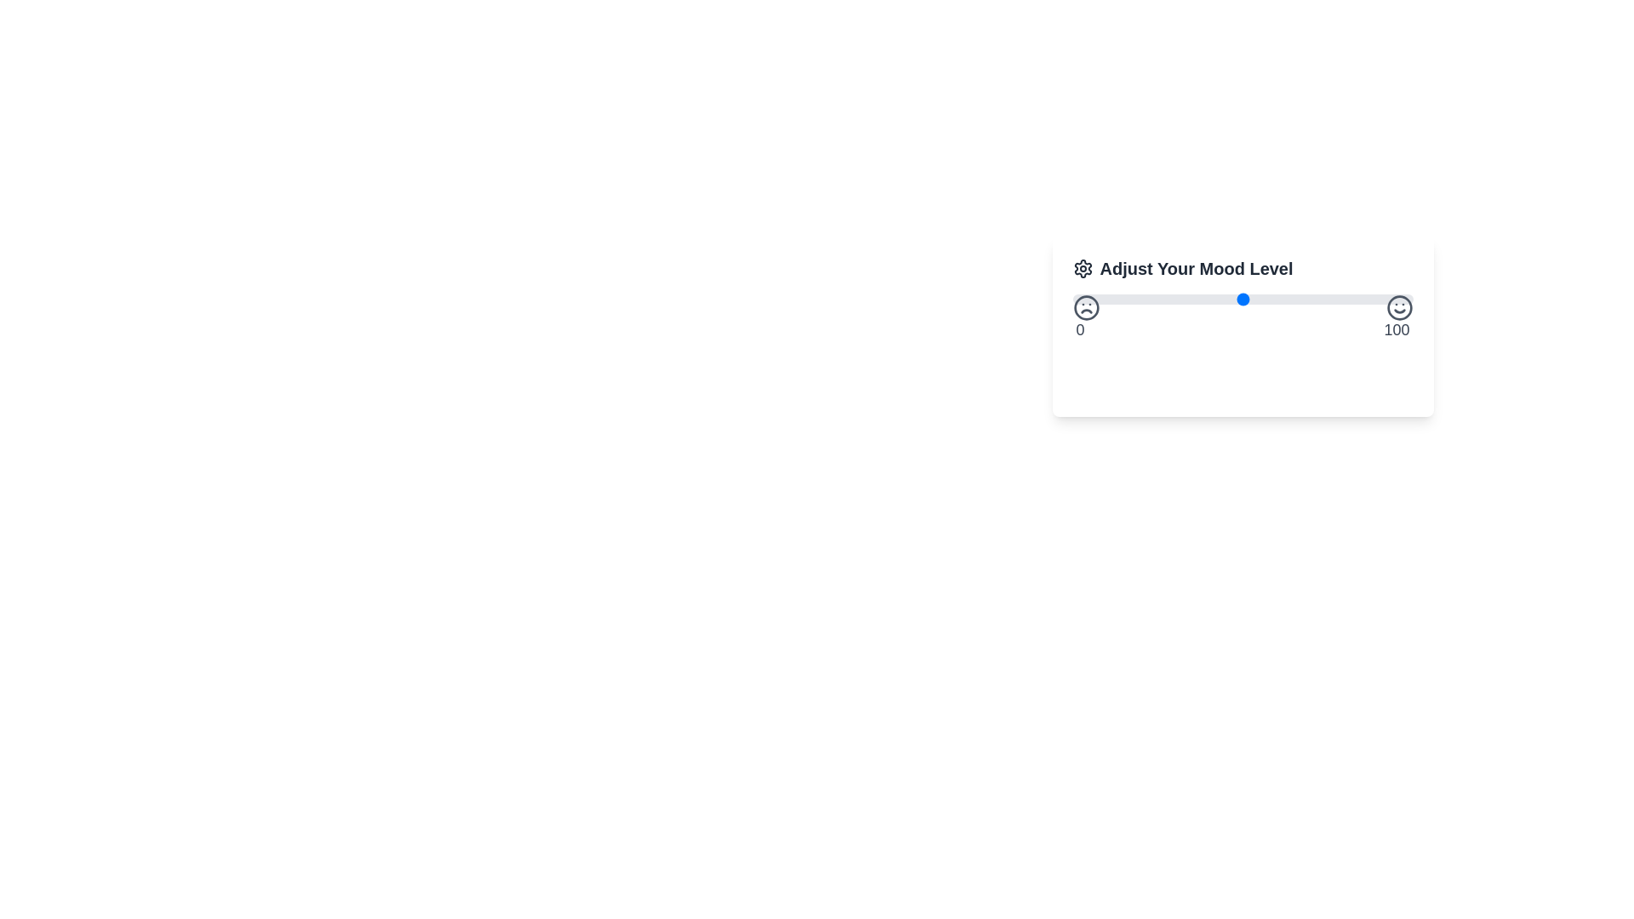 The height and width of the screenshot is (919, 1634). What do you see at coordinates (1082, 268) in the screenshot?
I see `the cogwheel icon in the settings section of the card-like interface` at bounding box center [1082, 268].